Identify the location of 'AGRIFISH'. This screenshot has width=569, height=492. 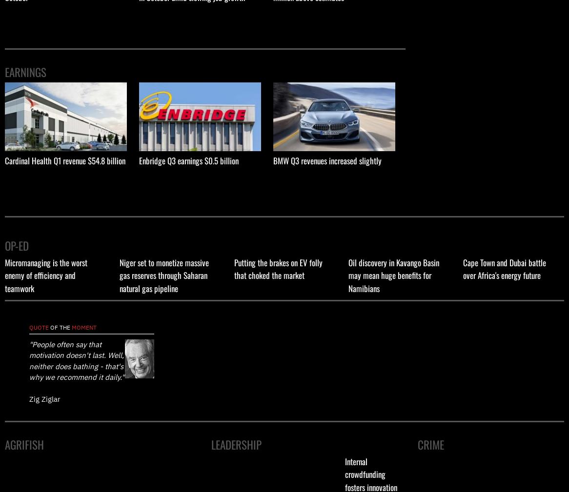
(24, 445).